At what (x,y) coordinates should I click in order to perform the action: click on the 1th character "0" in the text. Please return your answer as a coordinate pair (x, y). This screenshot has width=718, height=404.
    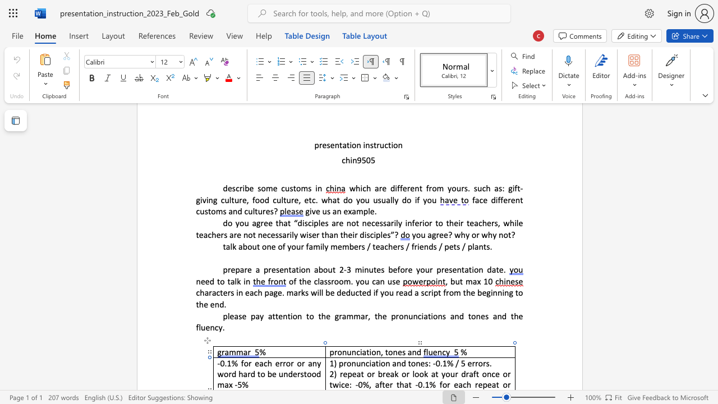
    Looking at the image, I should click on (437, 363).